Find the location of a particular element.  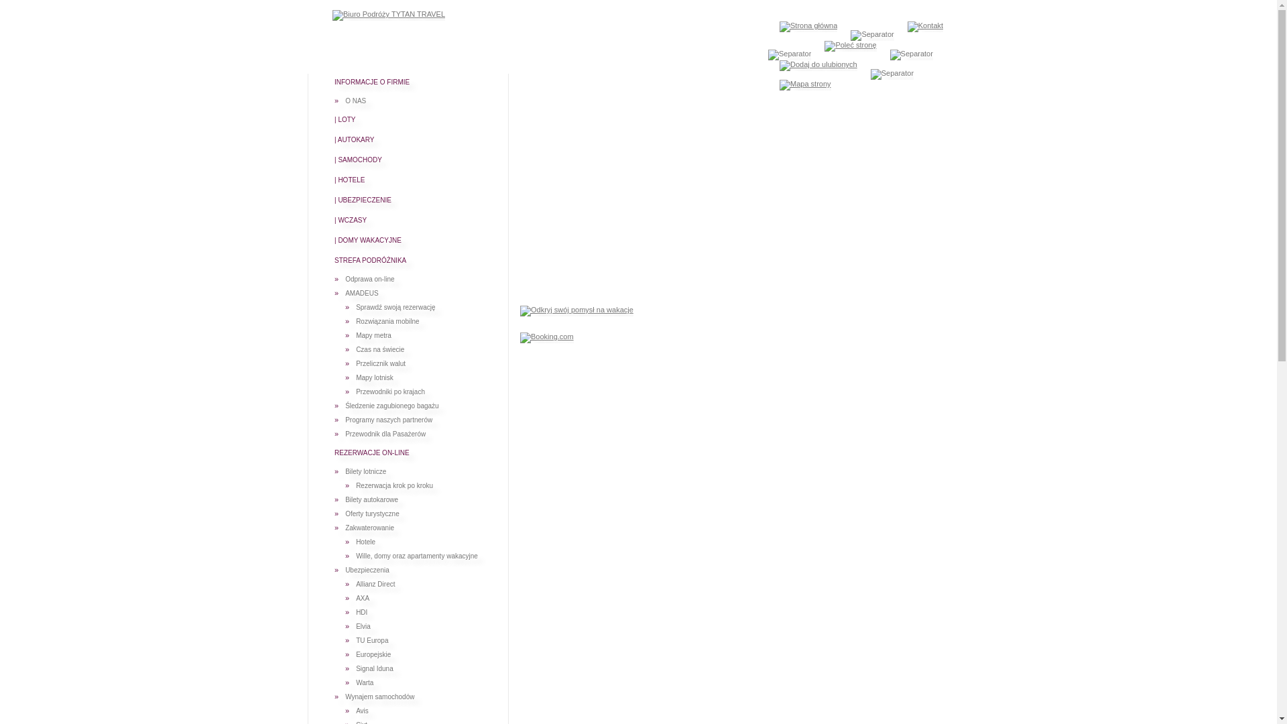

'O NAS' is located at coordinates (355, 100).